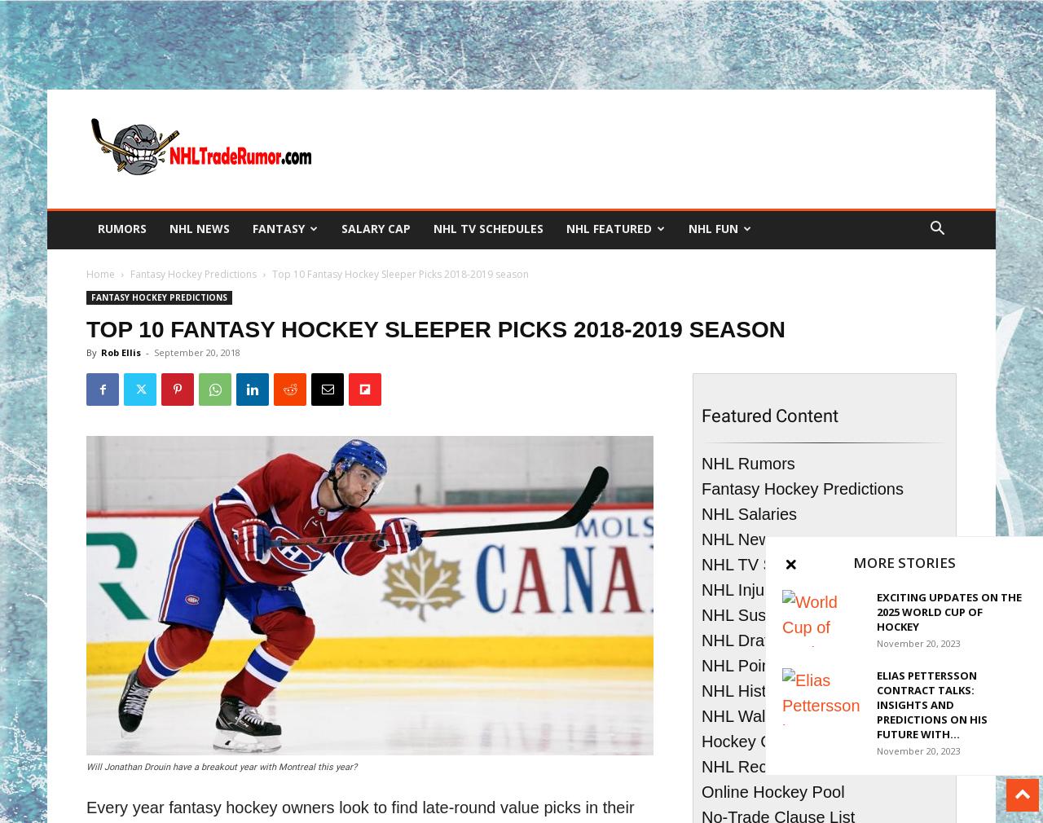 This screenshot has height=823, width=1043. I want to click on 'NHL Records', so click(749, 767).